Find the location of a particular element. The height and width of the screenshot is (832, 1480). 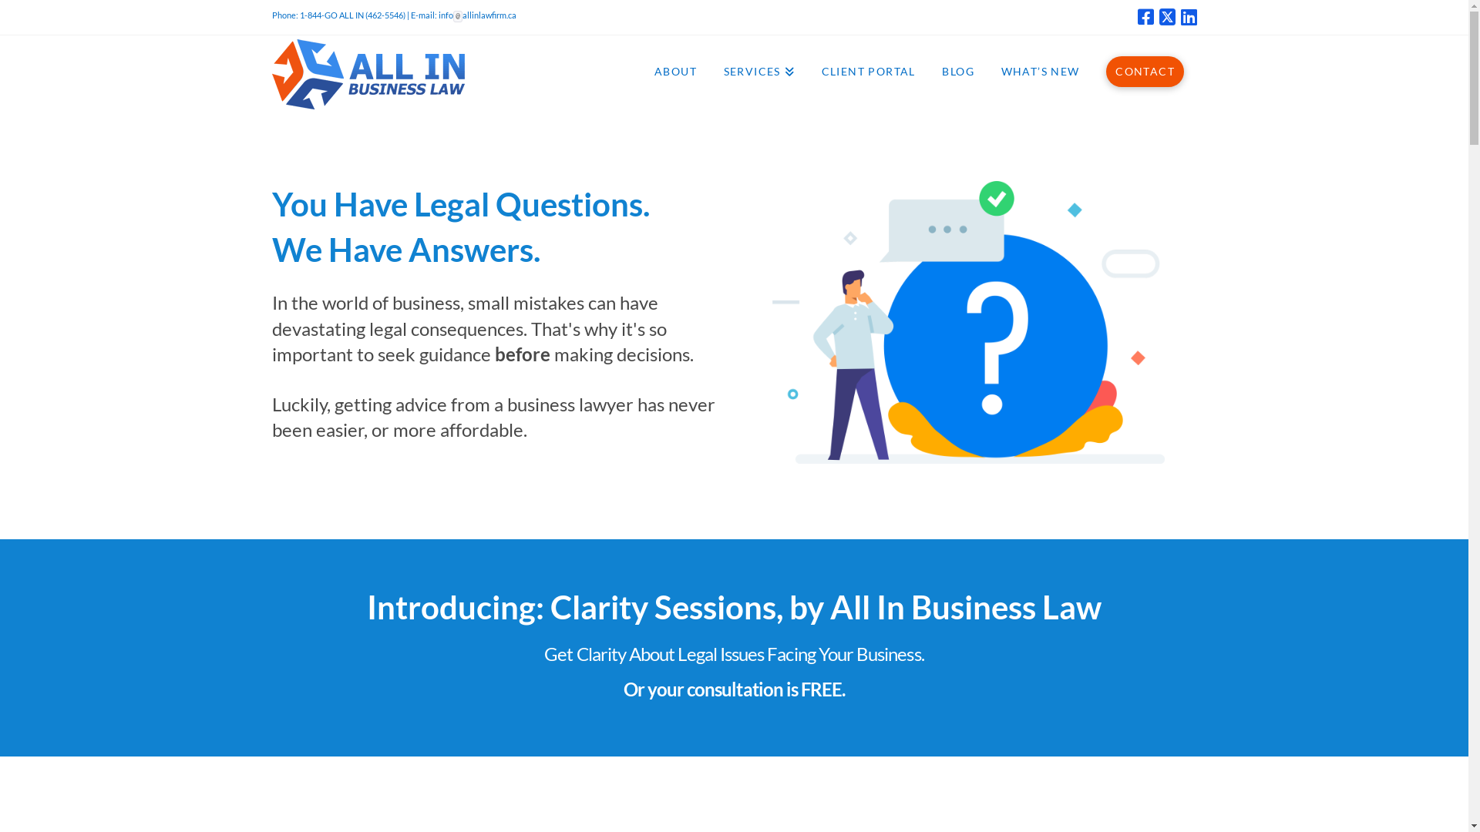

'Facebook' is located at coordinates (1145, 17).